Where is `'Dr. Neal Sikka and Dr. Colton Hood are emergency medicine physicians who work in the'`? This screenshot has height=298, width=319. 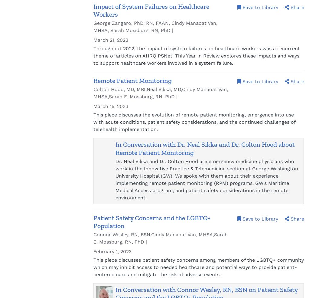
'Dr. Neal Sikka and Dr. Colton Hood are emergency medicine physicians who work in the' is located at coordinates (204, 165).